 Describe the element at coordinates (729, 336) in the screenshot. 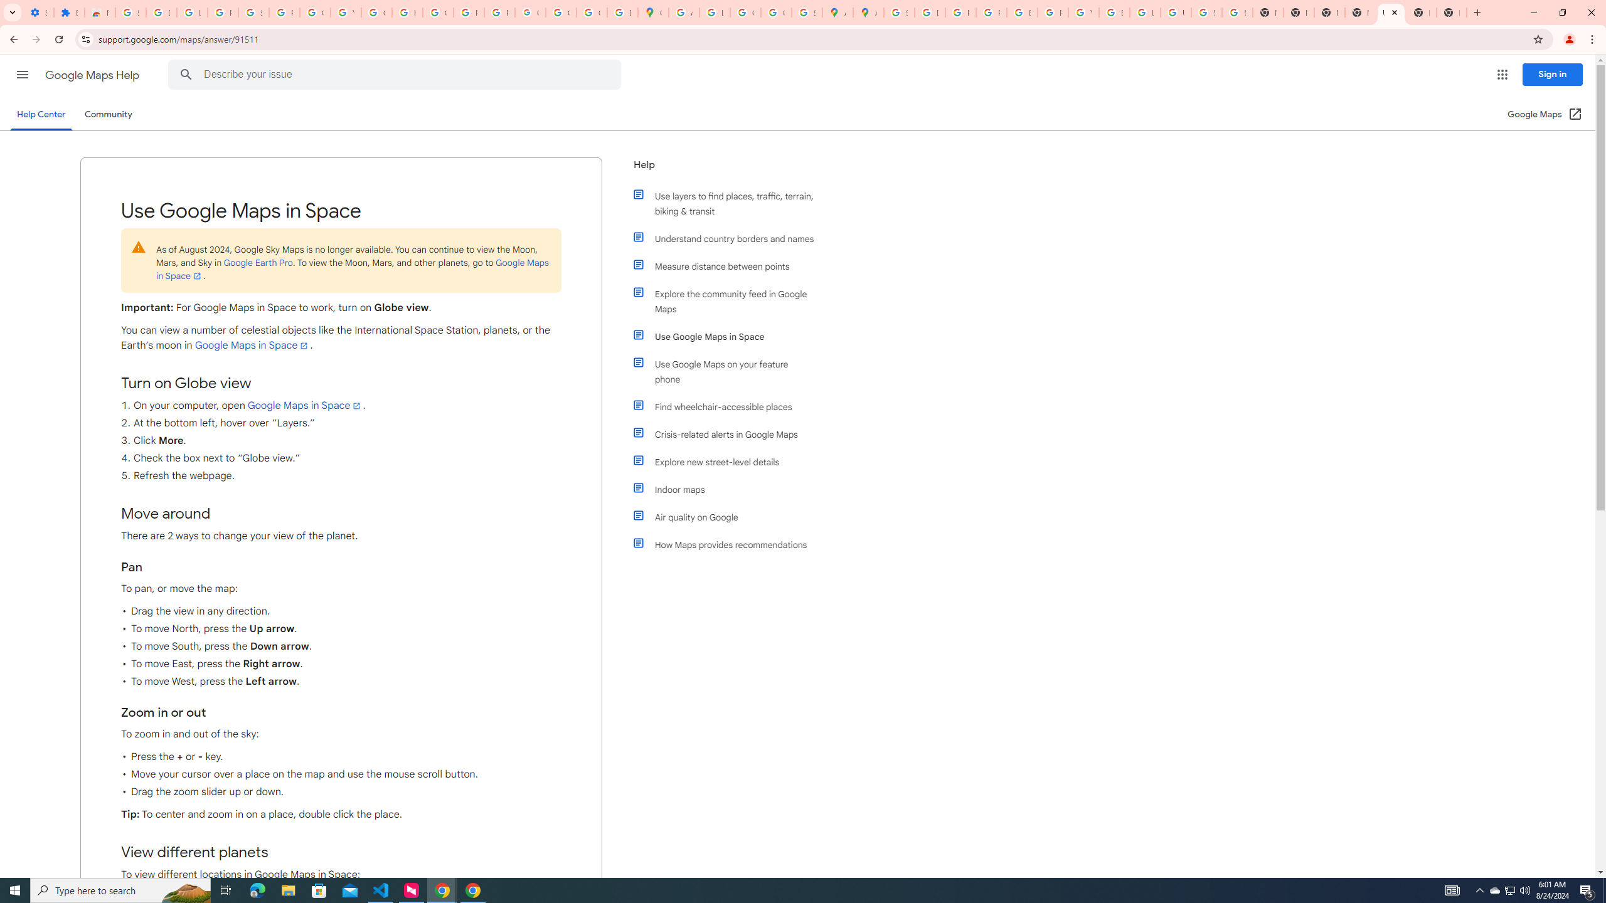

I see `'Use Google Maps in Space'` at that location.